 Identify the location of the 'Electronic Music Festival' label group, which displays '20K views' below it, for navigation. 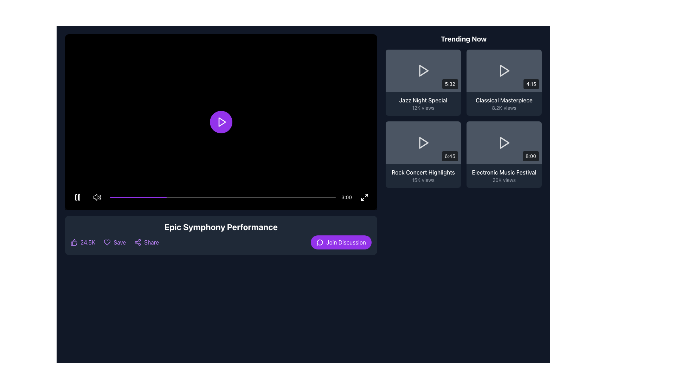
(504, 175).